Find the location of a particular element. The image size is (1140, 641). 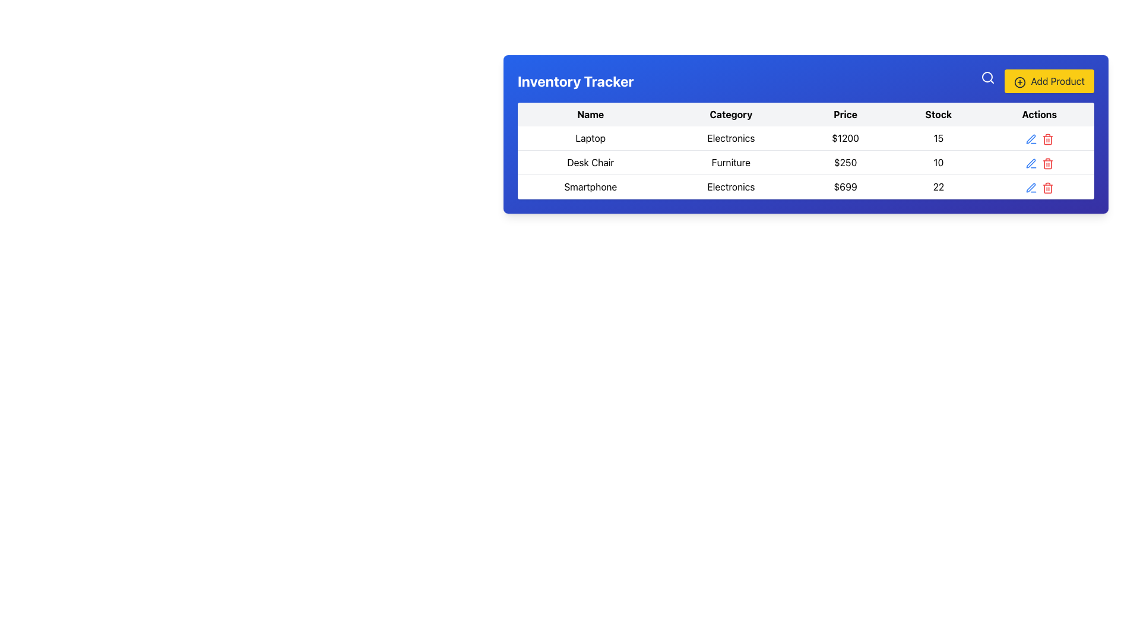

price displayed in the 'Price' column for the 'Desk Chair' row in the inventory table is located at coordinates (845, 162).